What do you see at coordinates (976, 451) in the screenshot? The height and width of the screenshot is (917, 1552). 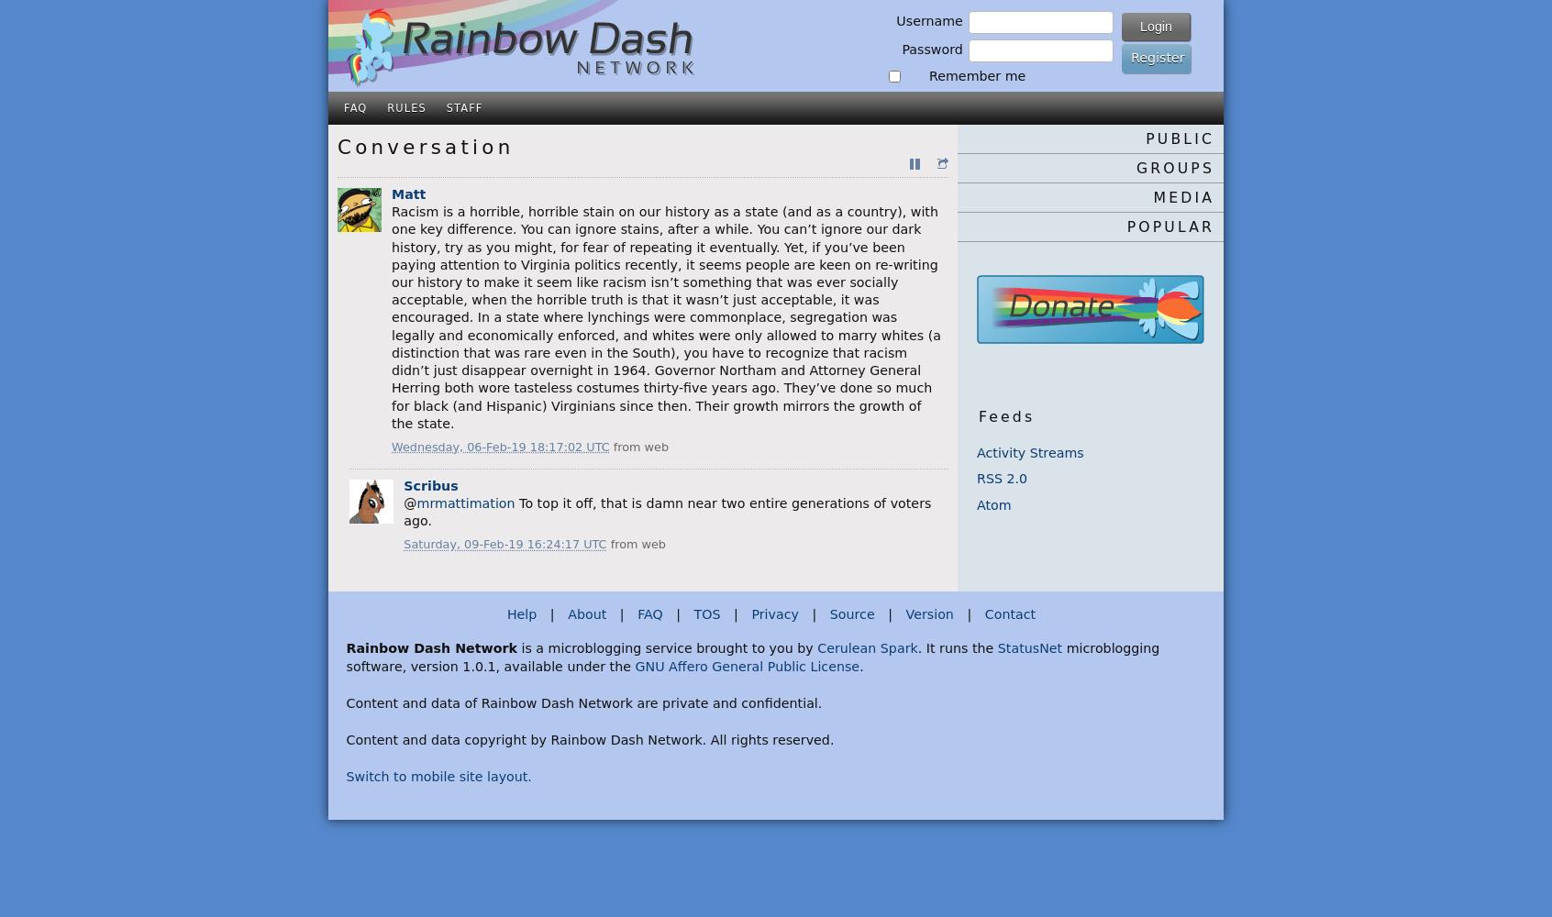 I see `'Activity Streams'` at bounding box center [976, 451].